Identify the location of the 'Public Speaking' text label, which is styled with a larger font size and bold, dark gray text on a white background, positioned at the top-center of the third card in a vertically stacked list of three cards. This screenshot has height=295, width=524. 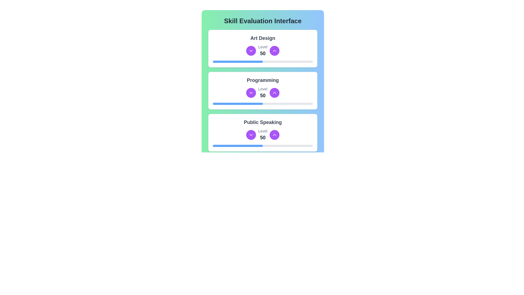
(263, 122).